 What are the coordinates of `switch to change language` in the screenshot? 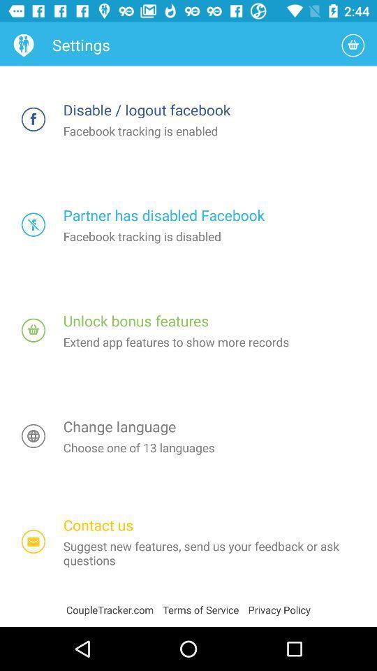 It's located at (34, 435).